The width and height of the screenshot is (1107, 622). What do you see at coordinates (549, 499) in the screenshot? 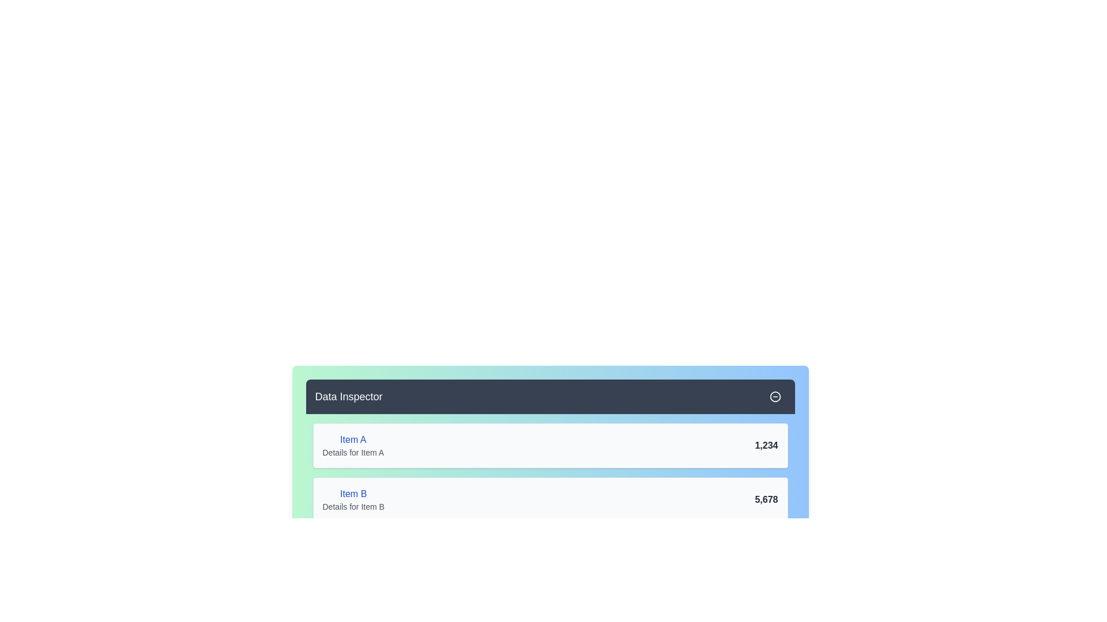
I see `the second item` at bounding box center [549, 499].